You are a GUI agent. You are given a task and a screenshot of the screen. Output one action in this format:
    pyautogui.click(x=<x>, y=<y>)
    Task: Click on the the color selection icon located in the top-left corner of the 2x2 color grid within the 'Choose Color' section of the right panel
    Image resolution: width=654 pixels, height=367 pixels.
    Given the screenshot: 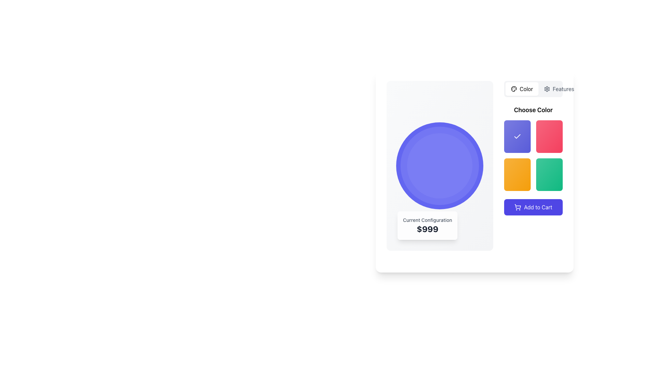 What is the action you would take?
    pyautogui.click(x=517, y=136)
    